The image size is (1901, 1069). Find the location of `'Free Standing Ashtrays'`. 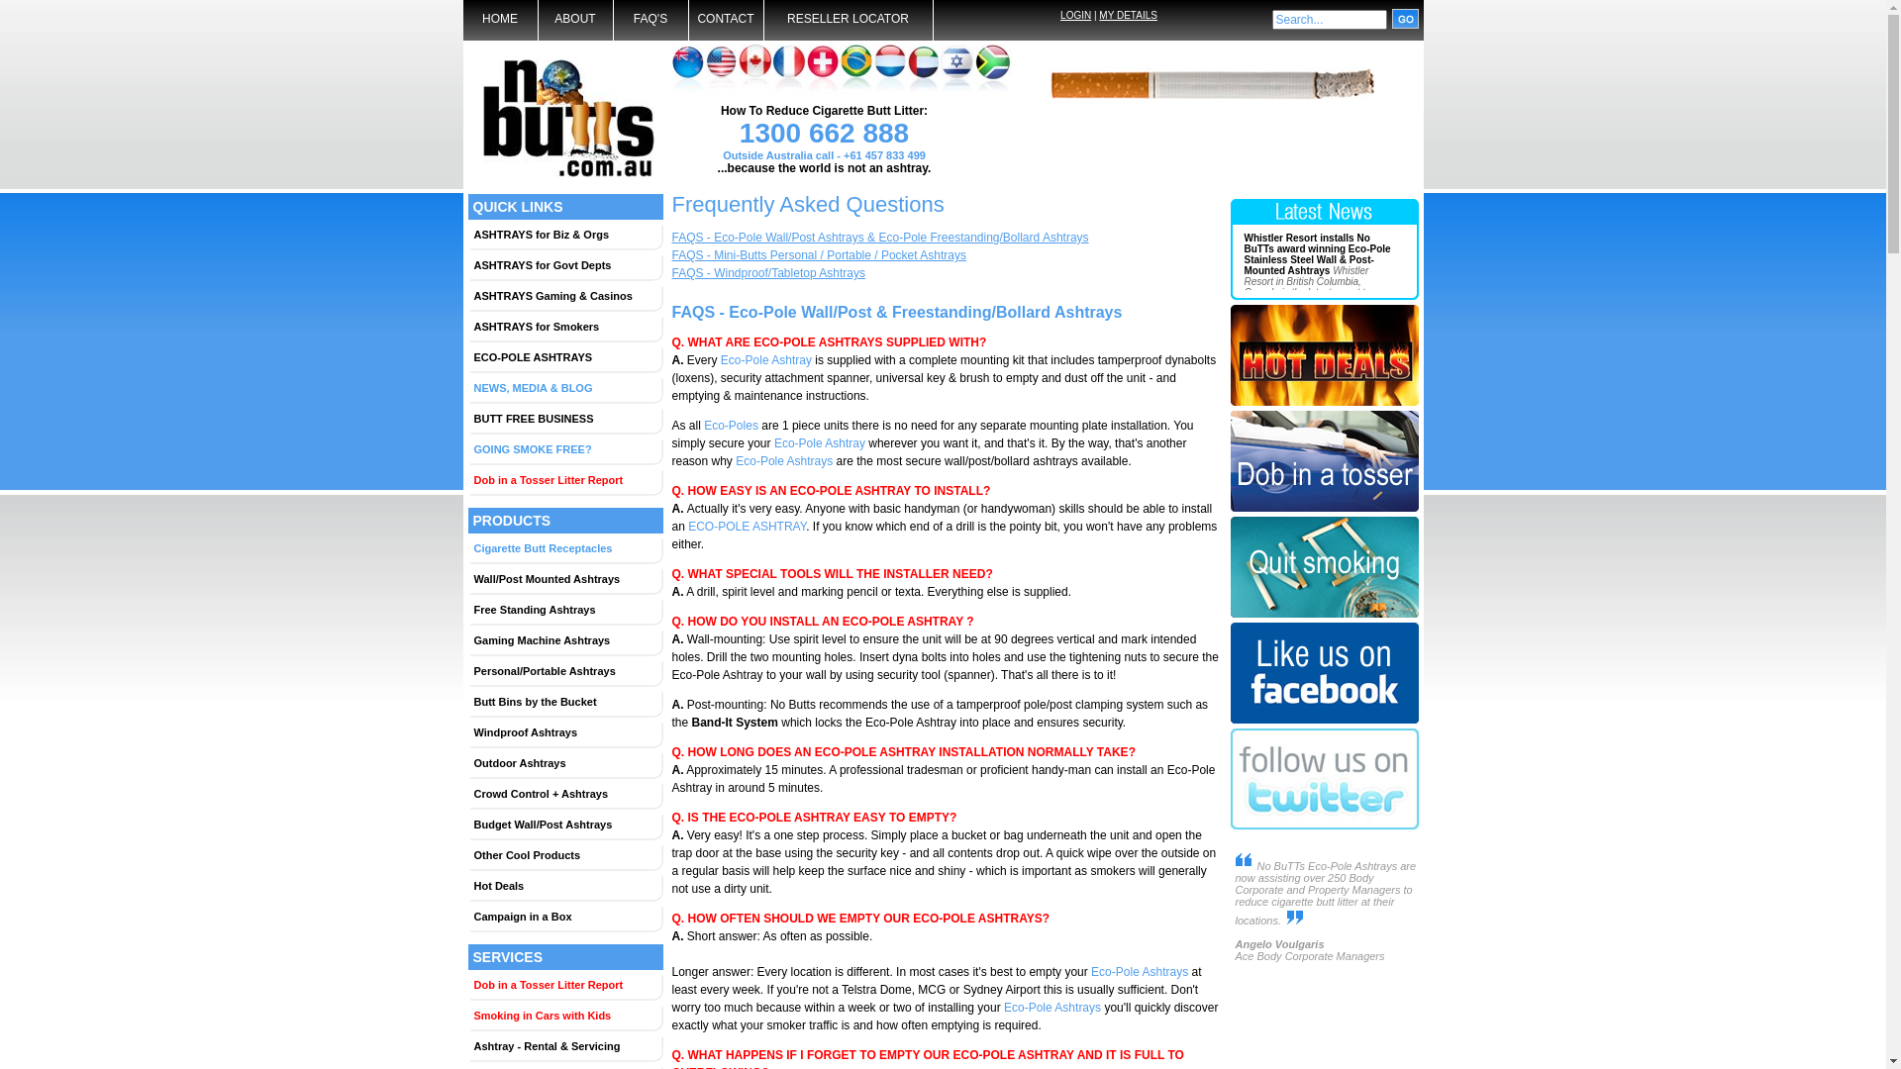

'Free Standing Ashtrays' is located at coordinates (564, 609).